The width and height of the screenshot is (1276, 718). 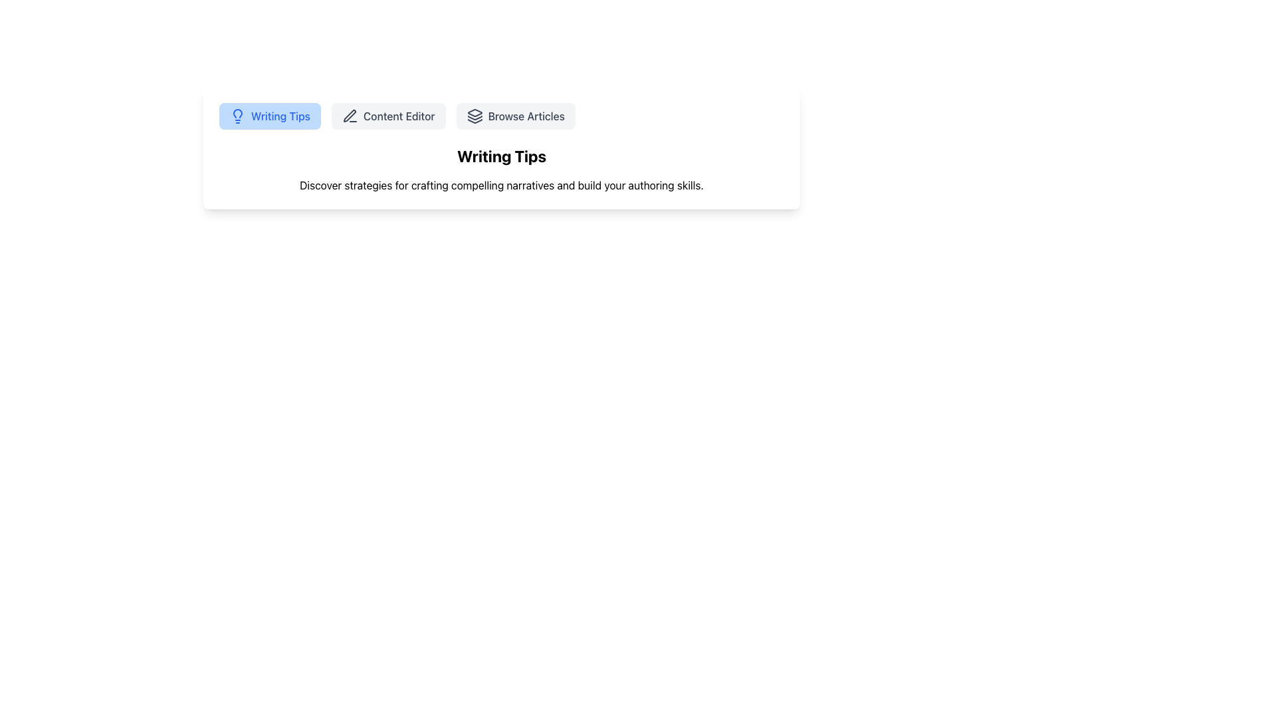 What do you see at coordinates (280, 115) in the screenshot?
I see `text content of the 'Writing Tips' label located on the right side of the SVG lightbulb icon within an interactive button` at bounding box center [280, 115].